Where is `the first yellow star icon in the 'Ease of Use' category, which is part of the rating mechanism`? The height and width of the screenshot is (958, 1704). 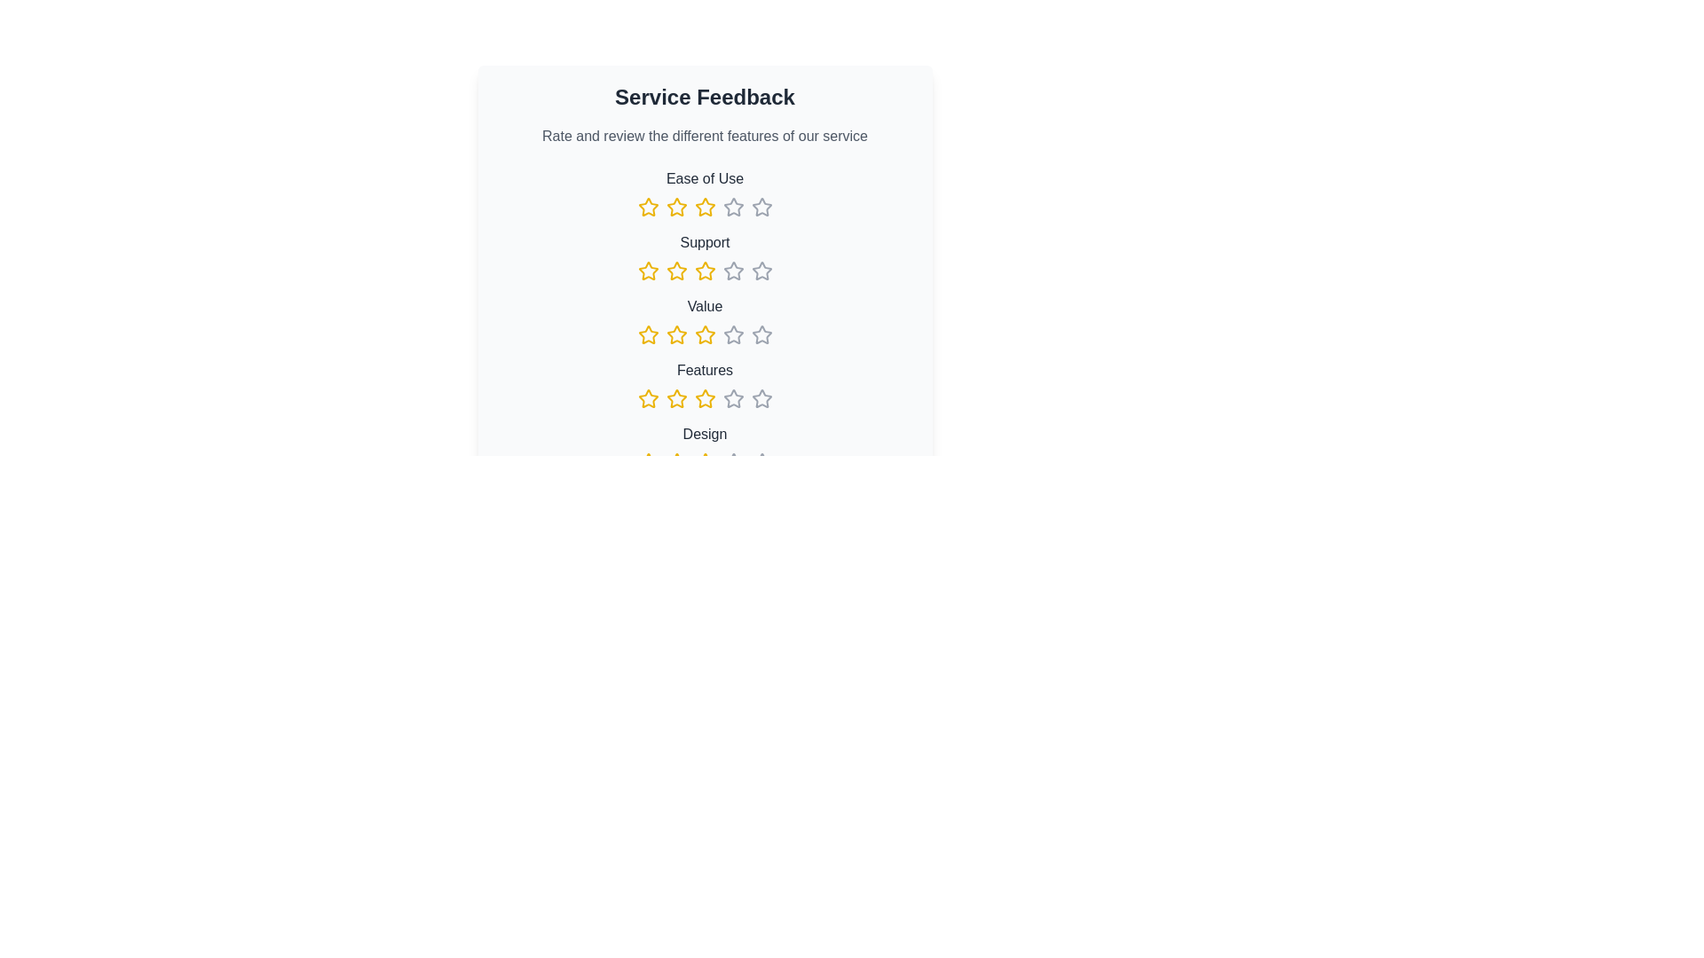 the first yellow star icon in the 'Ease of Use' category, which is part of the rating mechanism is located at coordinates (647, 207).